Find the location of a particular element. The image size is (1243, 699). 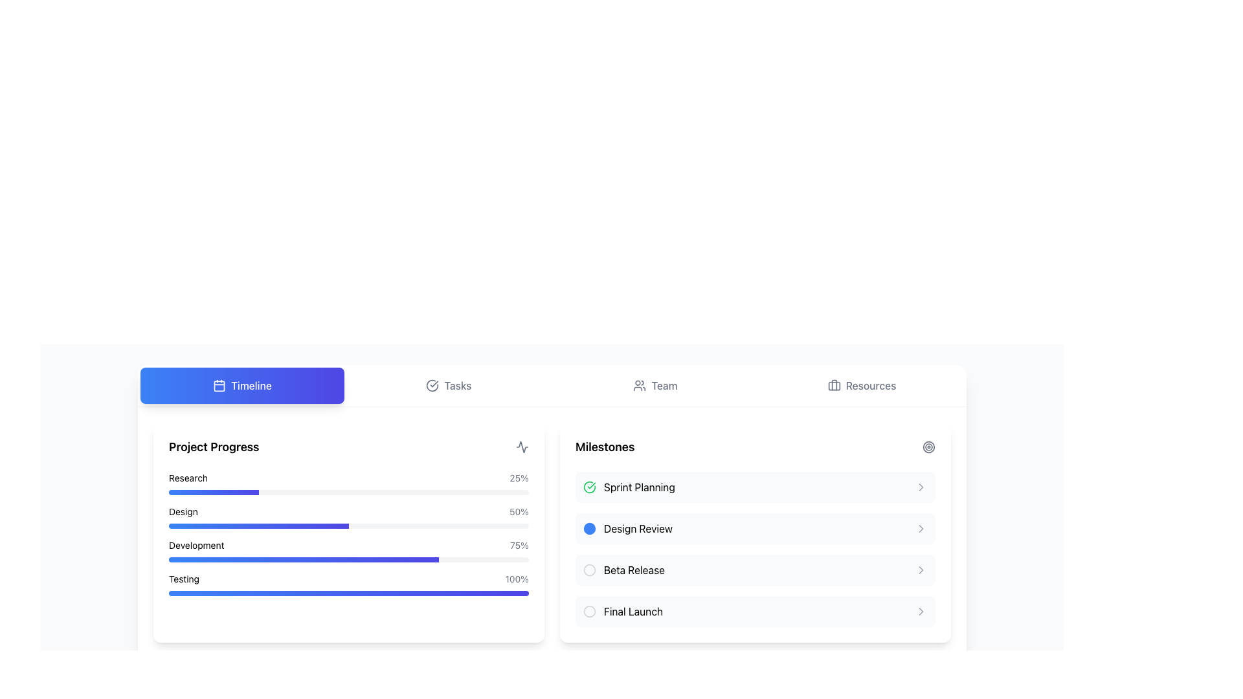

the 'Design Review' milestone item in the Milestones section is located at coordinates (755, 529).